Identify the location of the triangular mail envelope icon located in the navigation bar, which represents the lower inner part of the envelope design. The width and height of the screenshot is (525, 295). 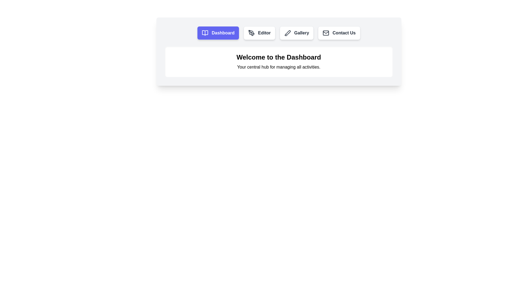
(326, 33).